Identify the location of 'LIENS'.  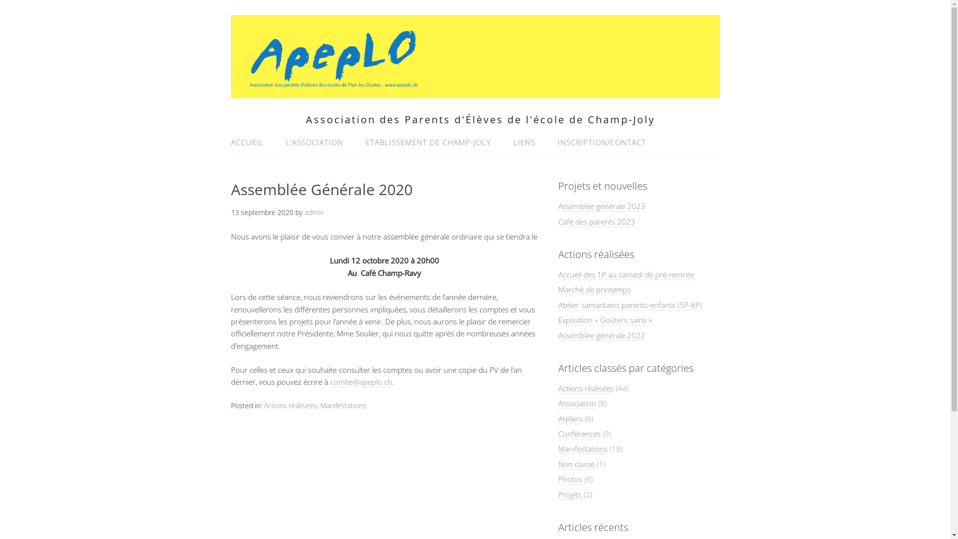
(523, 142).